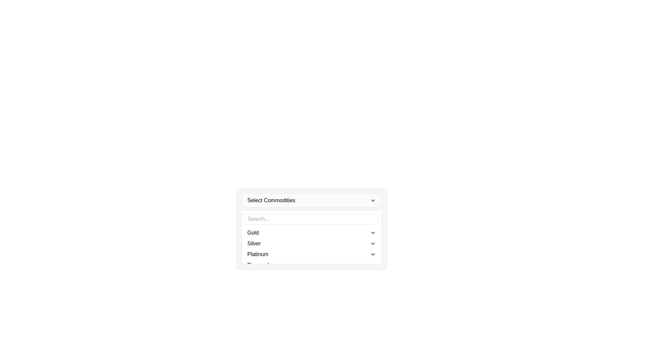  I want to click on displayed text 'Select Commodities' from the text label located on the left side of the dropdown menu header, so click(271, 200).